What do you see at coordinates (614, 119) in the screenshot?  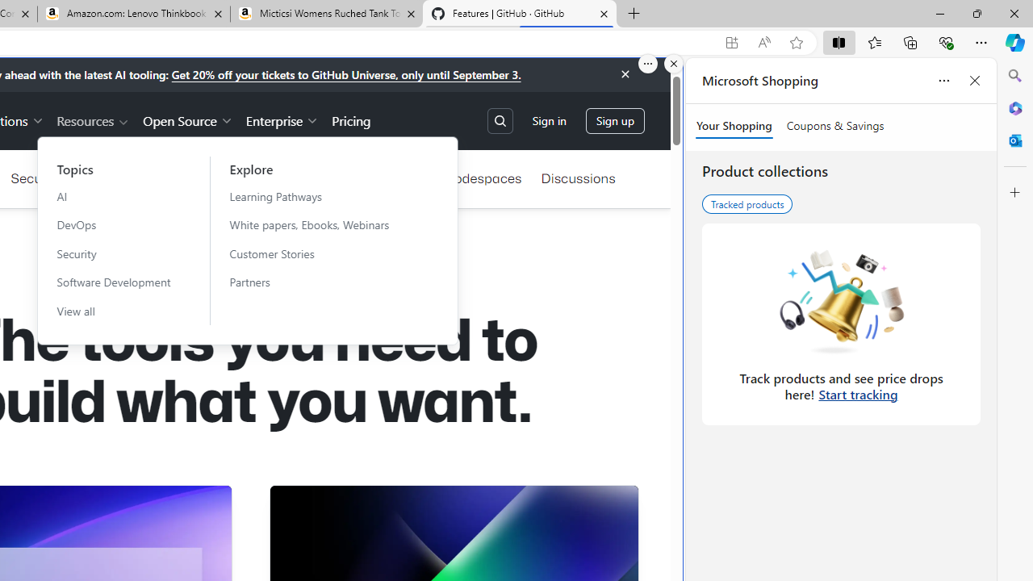 I see `'Sign up'` at bounding box center [614, 119].